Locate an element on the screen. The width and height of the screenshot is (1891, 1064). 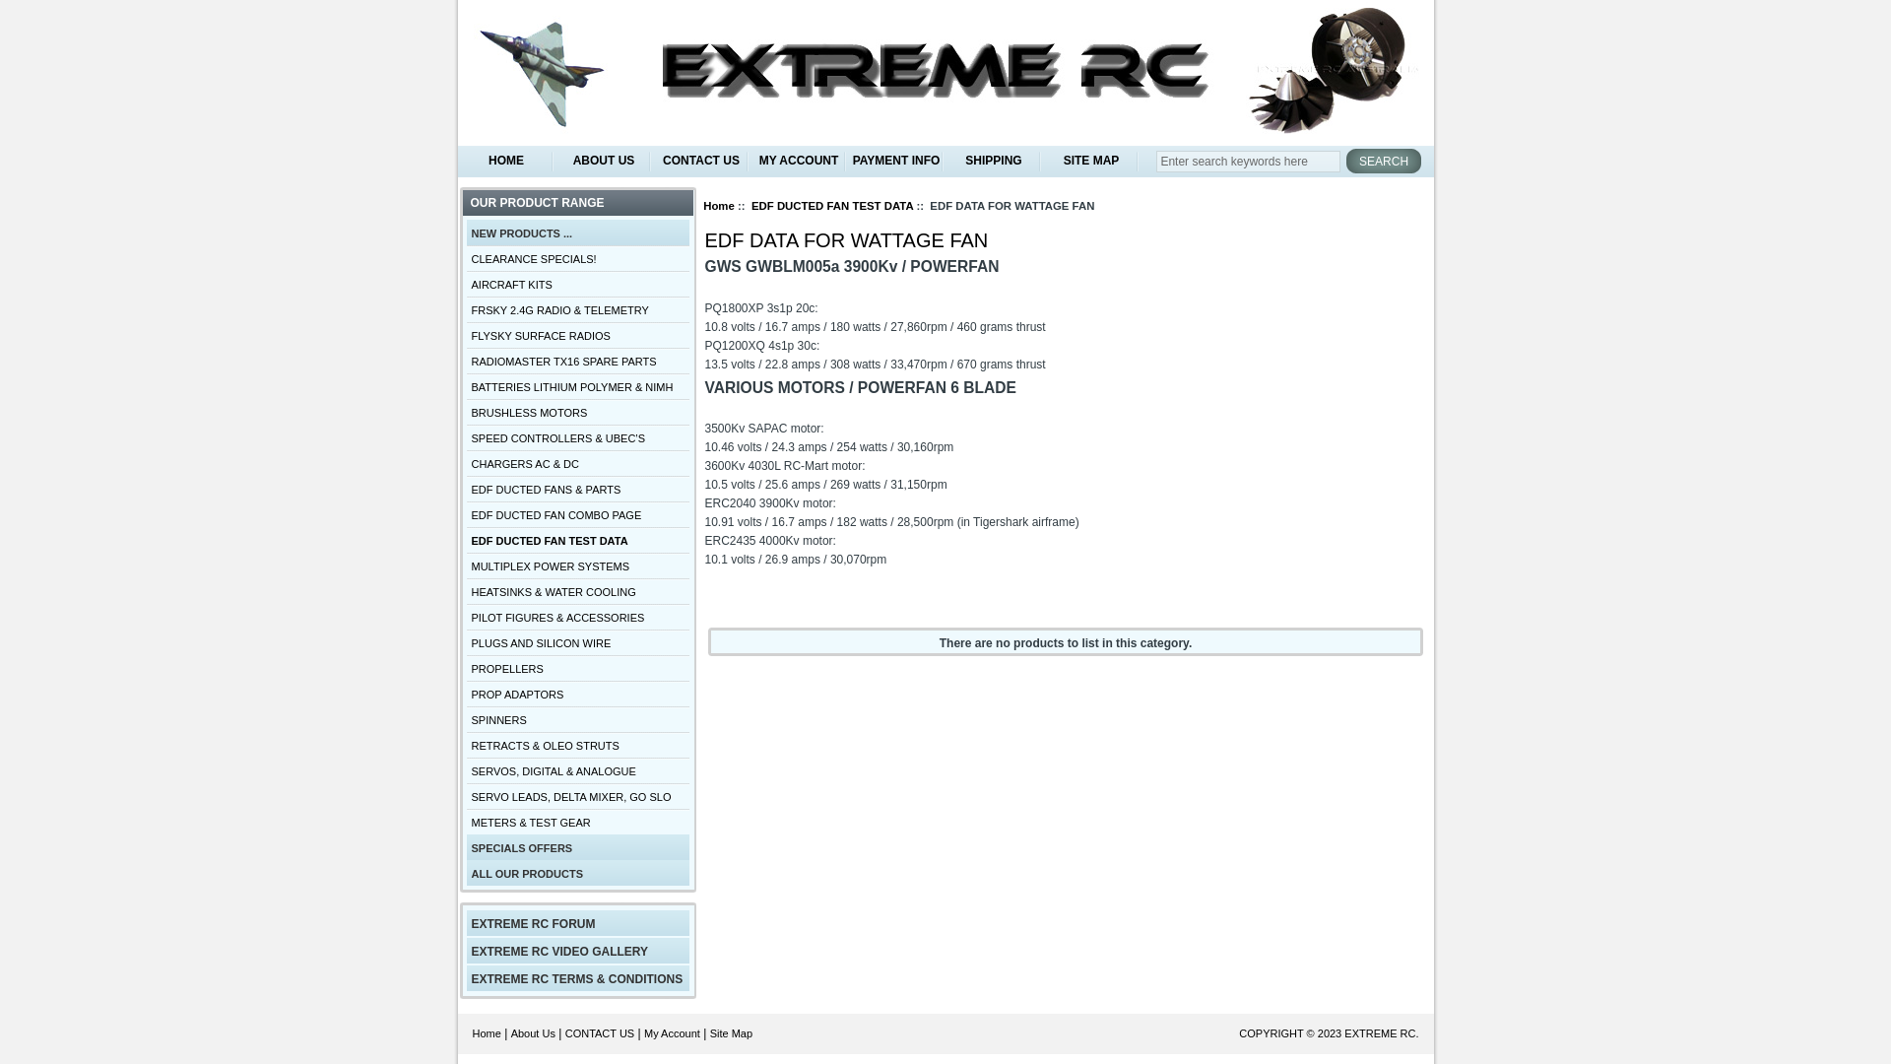
'EDF DUCTED FAN COMBO PAGE' is located at coordinates (576, 512).